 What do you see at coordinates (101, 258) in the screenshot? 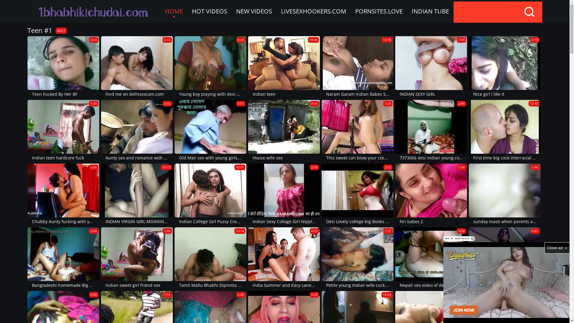
I see `'1:30` at bounding box center [101, 258].